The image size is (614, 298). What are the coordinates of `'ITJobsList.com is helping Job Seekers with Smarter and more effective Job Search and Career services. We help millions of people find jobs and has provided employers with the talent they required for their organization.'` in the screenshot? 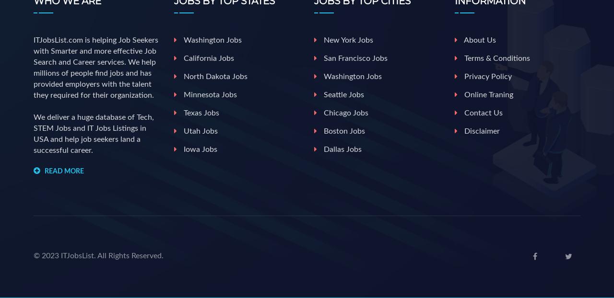 It's located at (95, 67).